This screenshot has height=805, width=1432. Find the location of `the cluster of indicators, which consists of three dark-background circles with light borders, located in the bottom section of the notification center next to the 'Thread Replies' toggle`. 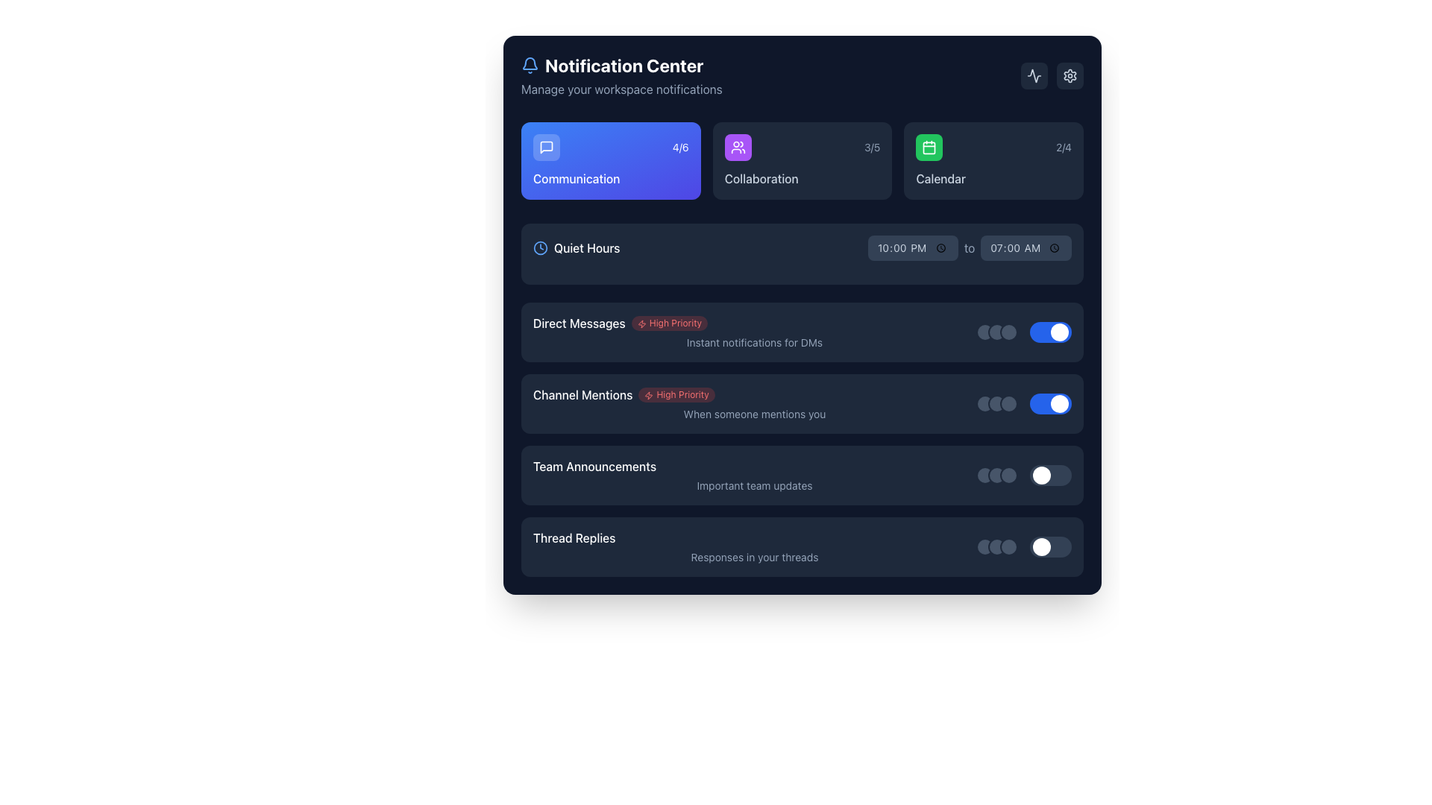

the cluster of indicators, which consists of three dark-background circles with light borders, located in the bottom section of the notification center next to the 'Thread Replies' toggle is located at coordinates (997, 546).